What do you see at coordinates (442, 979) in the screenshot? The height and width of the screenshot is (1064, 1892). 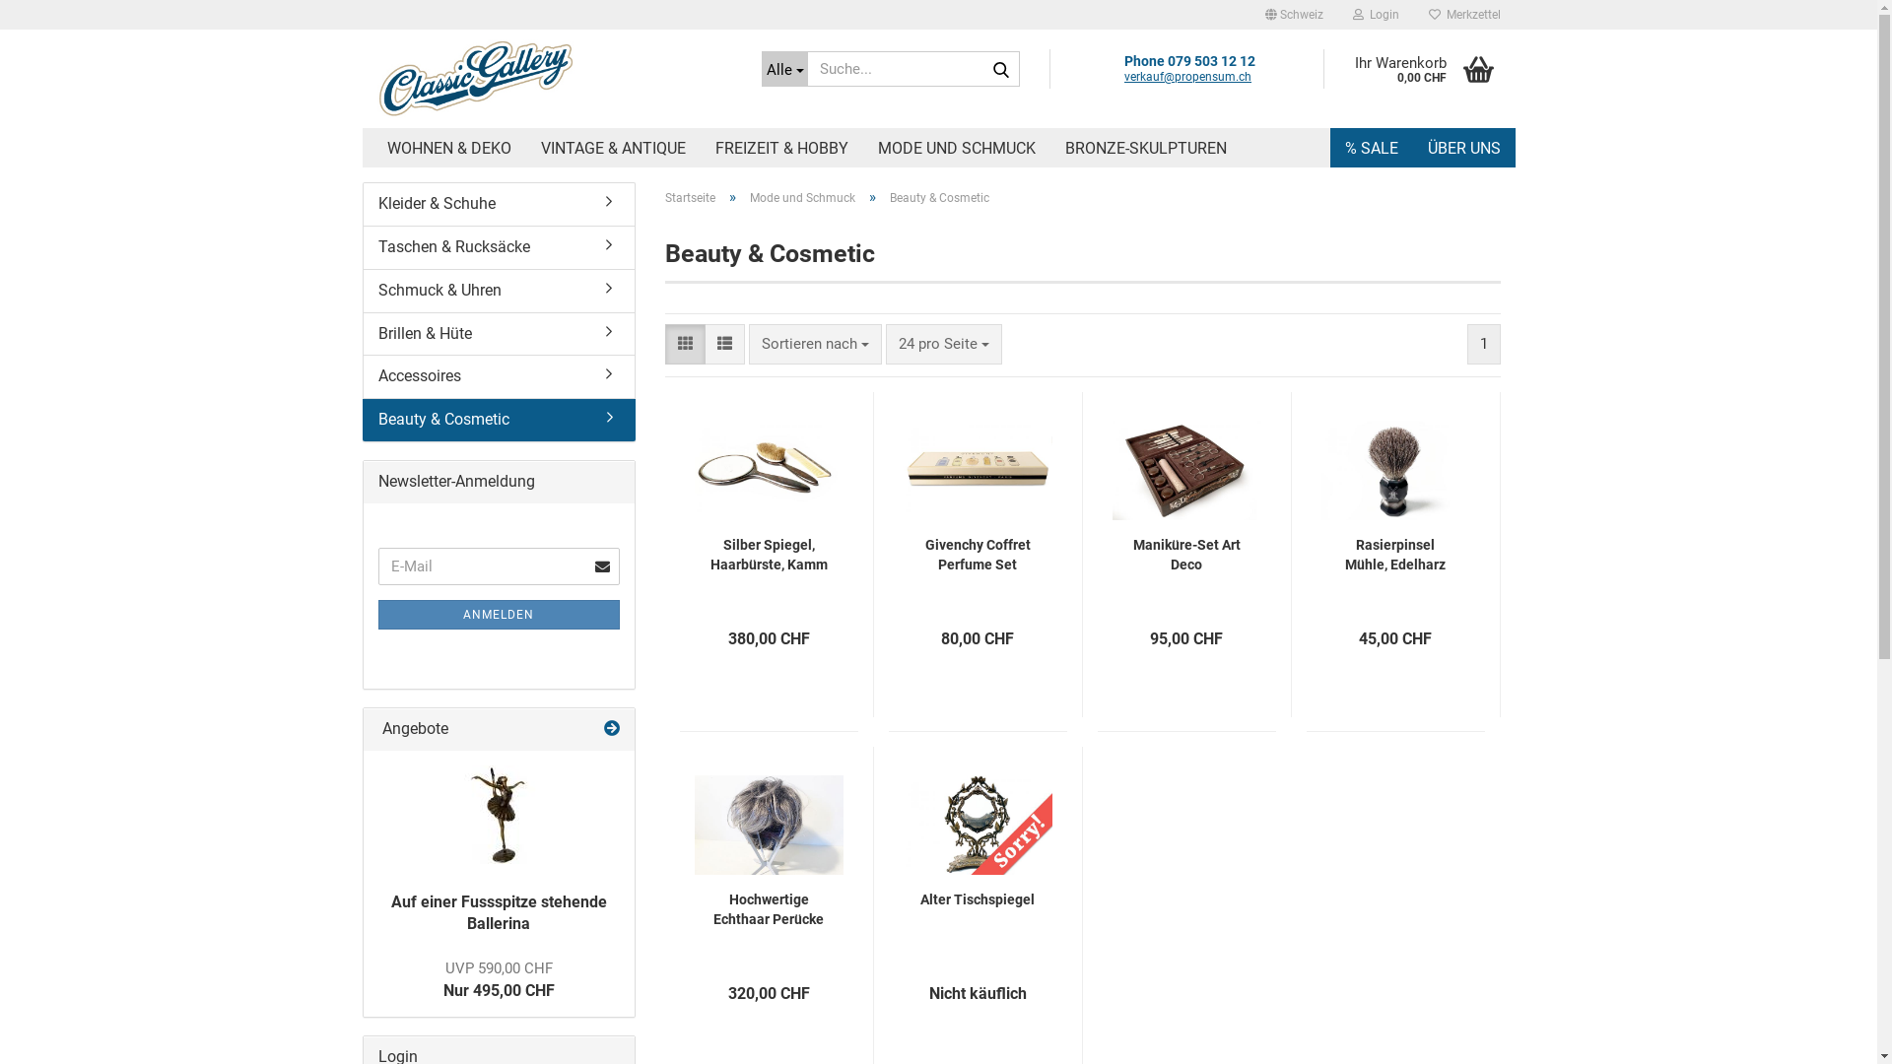 I see `'UVP 590,00 CHF` at bounding box center [442, 979].